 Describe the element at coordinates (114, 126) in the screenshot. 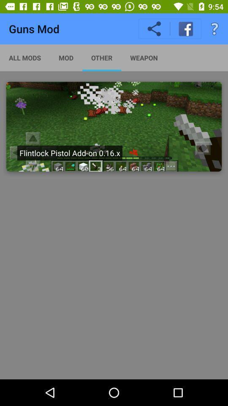

I see `flintlock pistol add-on 0.16.x minecraft thumbnail` at that location.